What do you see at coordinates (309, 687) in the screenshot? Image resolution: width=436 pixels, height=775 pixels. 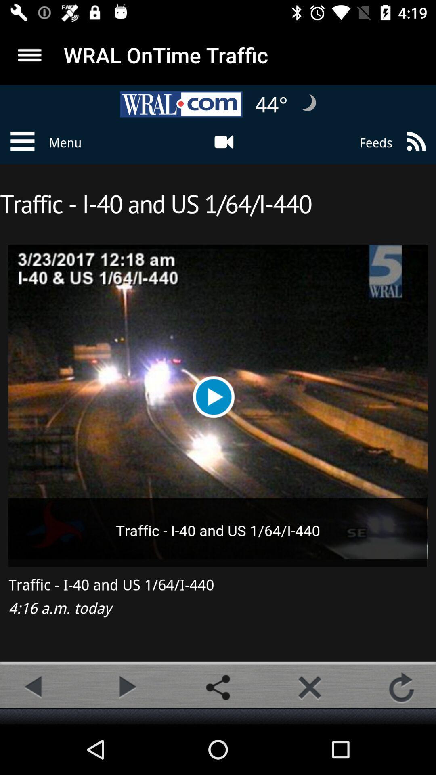 I see `button` at bounding box center [309, 687].